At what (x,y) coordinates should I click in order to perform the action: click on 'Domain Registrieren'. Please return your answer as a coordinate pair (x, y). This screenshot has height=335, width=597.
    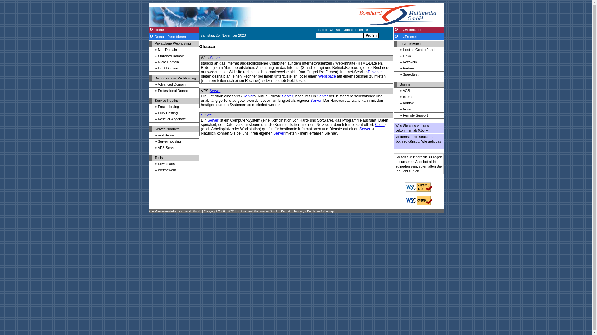
    Looking at the image, I should click on (148, 37).